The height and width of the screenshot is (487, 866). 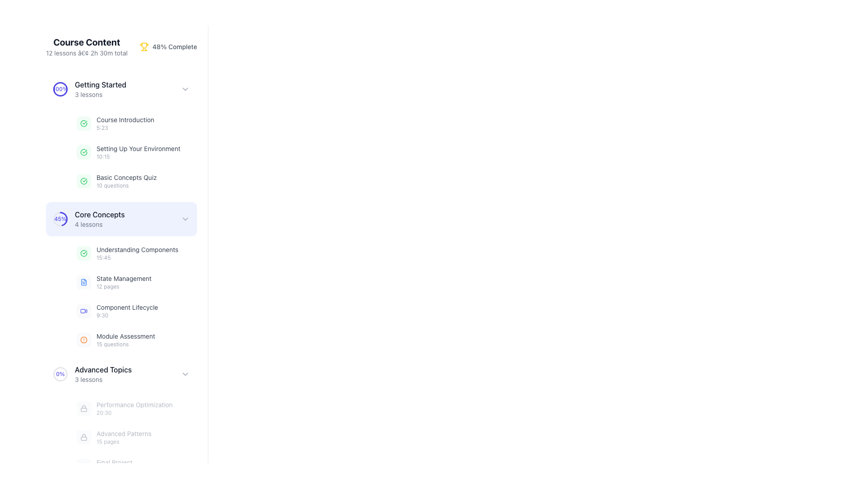 I want to click on the text label saying 'Basic Concepts Quiz' located in the 'Getting Started' section of the sidebar layout, so click(x=126, y=177).